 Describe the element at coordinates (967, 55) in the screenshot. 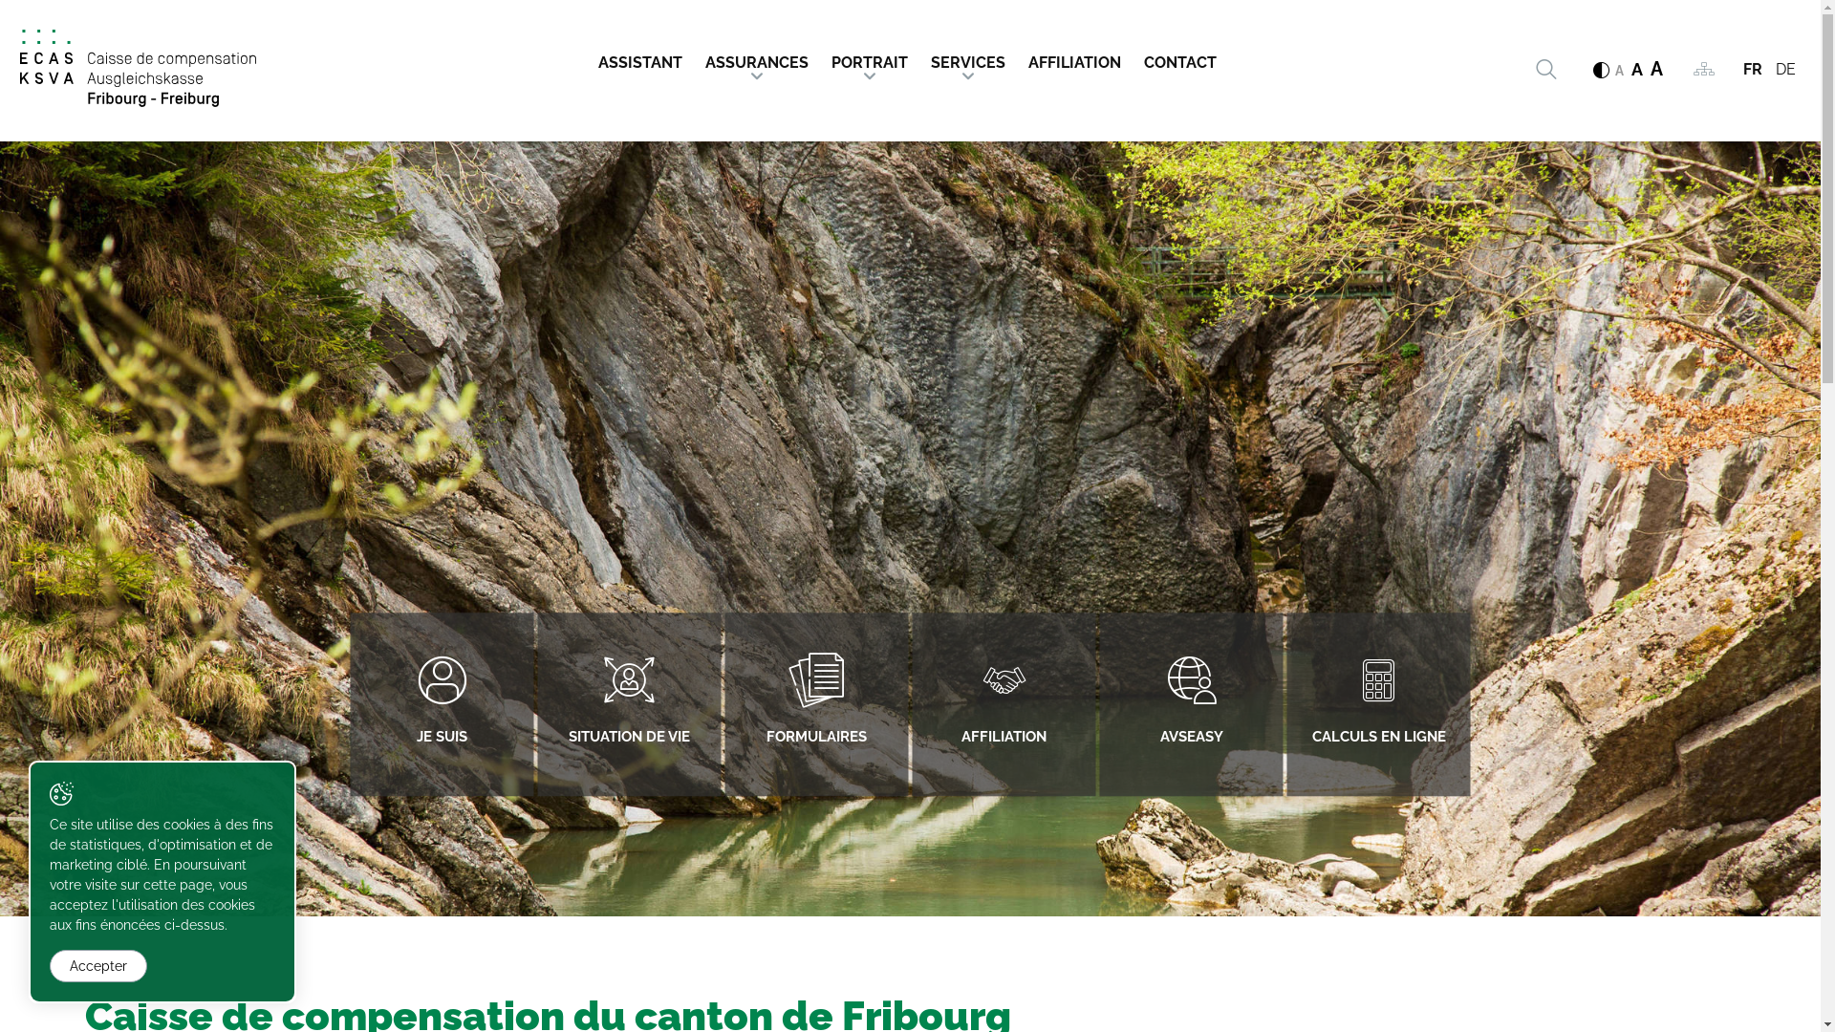

I see `'SERVICES'` at that location.